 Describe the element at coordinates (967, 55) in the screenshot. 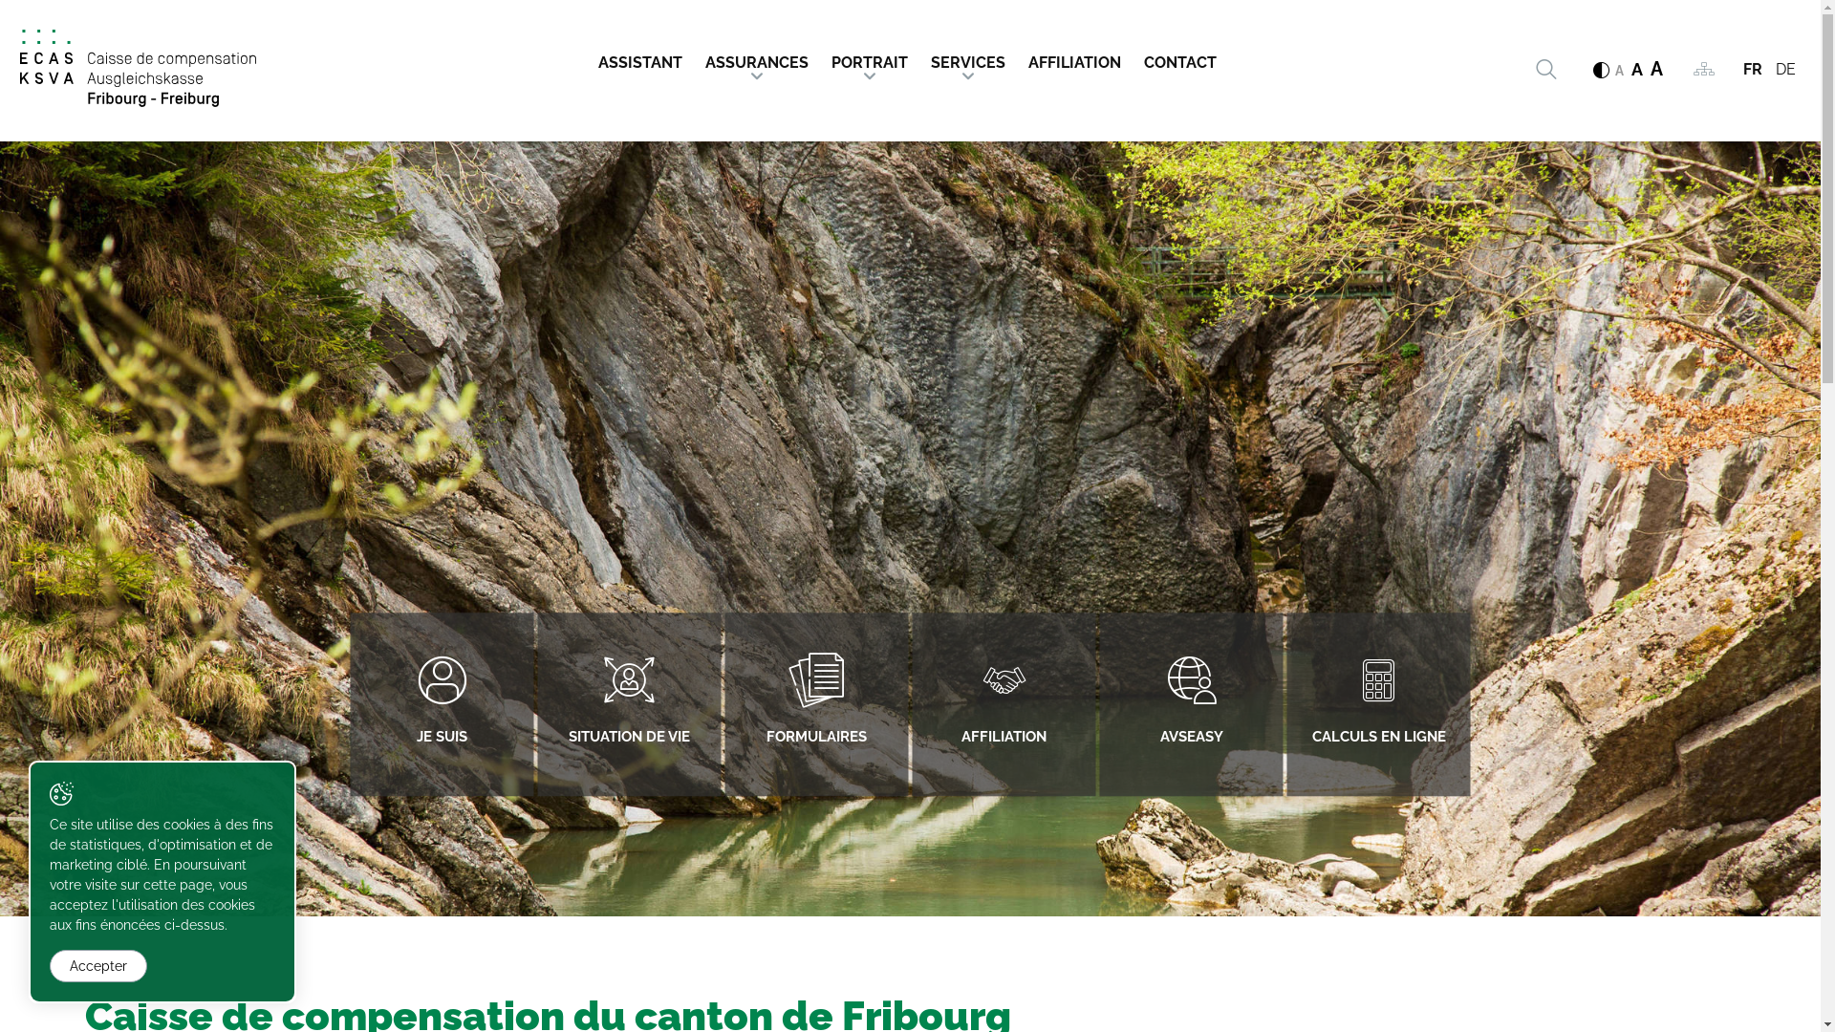

I see `'SERVICES'` at that location.